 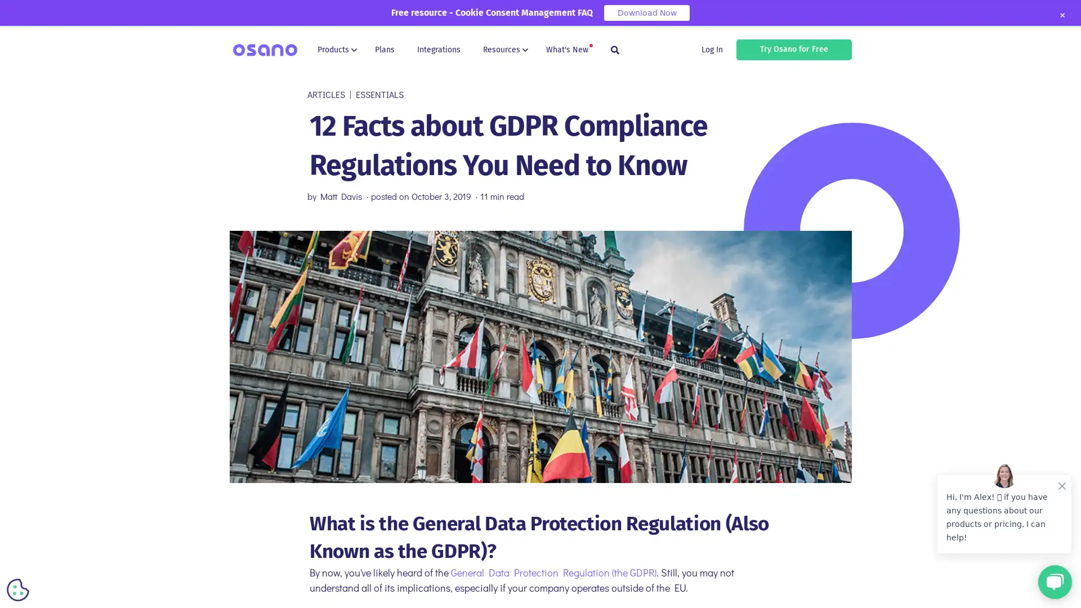 I want to click on Close, so click(x=1061, y=15).